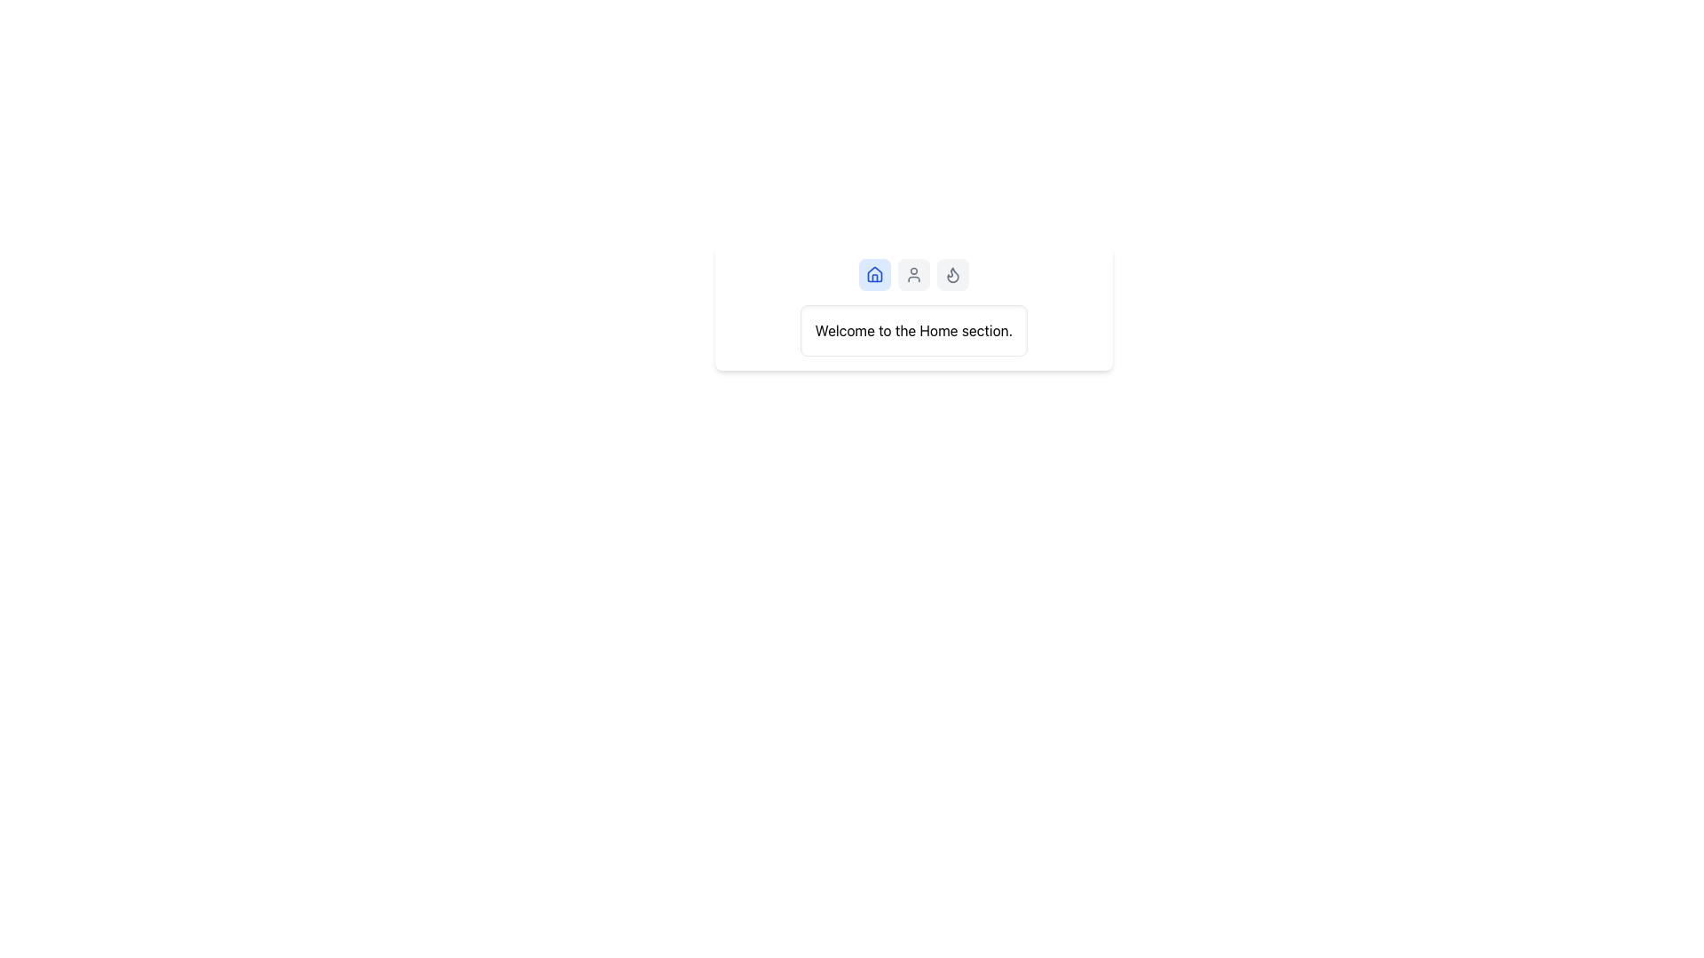 This screenshot has width=1704, height=958. Describe the element at coordinates (874, 273) in the screenshot. I see `the 'Home' icon, which is the leftmost icon in a horizontal sequence of three icons, positioned in the center of the interface, directly above the text 'Welcome to the Home section.'` at that location.